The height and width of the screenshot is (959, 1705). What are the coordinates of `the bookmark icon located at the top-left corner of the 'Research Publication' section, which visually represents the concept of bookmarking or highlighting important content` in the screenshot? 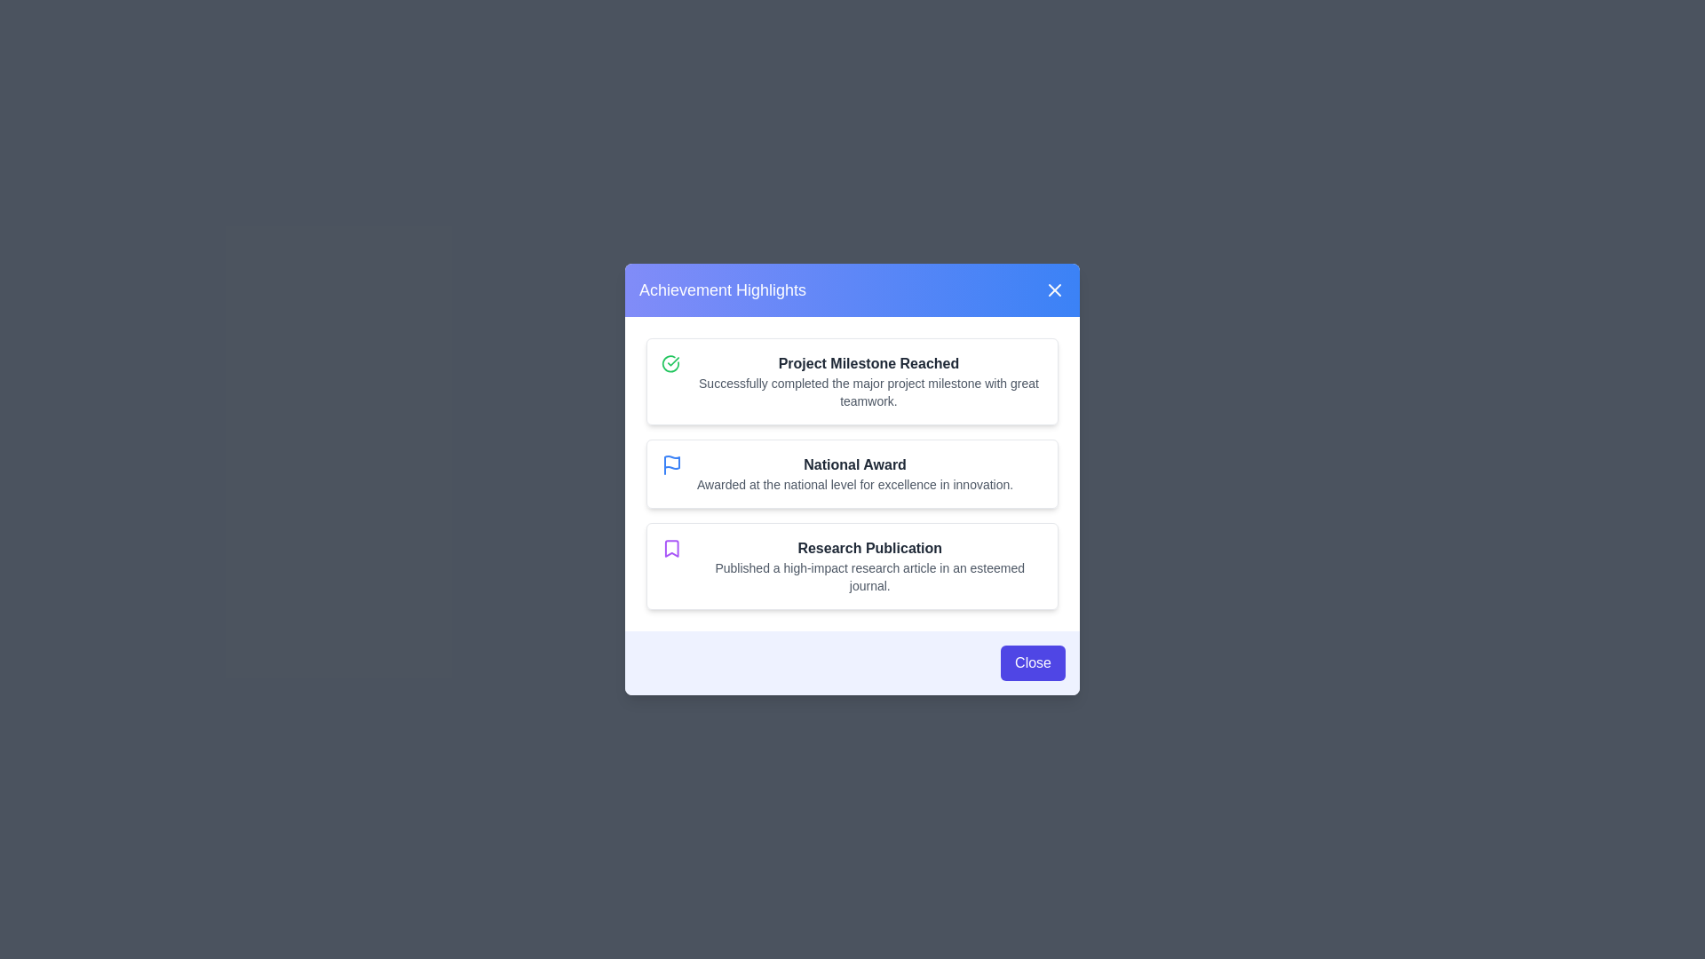 It's located at (670, 547).